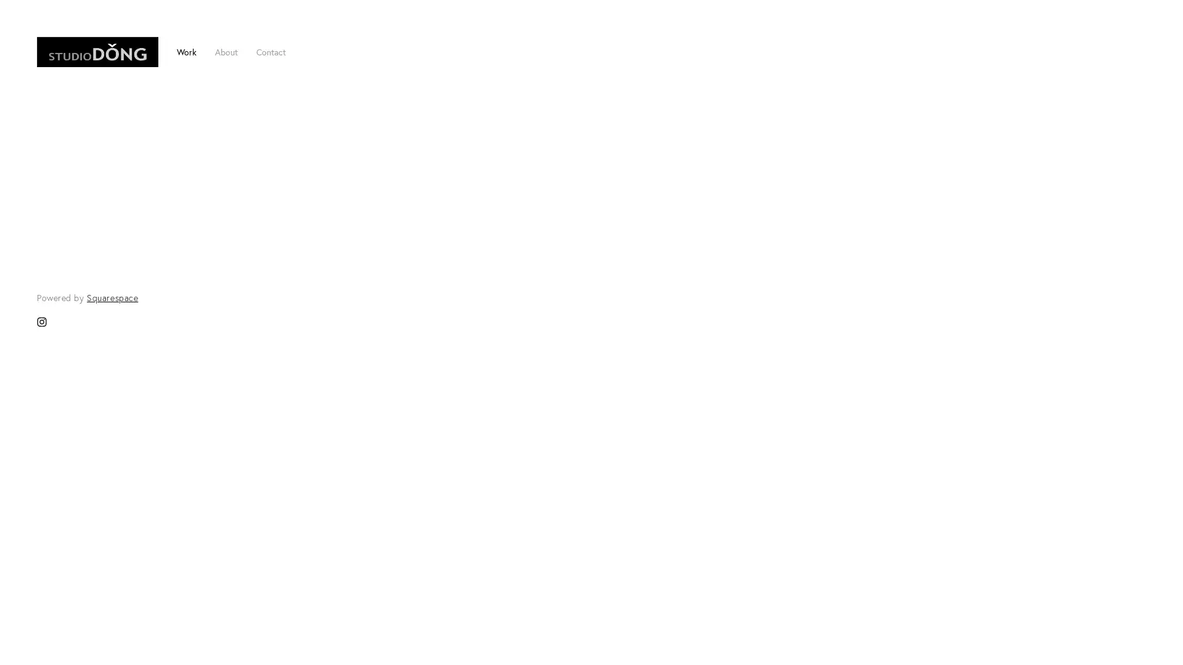  Describe the element at coordinates (590, 555) in the screenshot. I see `Play` at that location.